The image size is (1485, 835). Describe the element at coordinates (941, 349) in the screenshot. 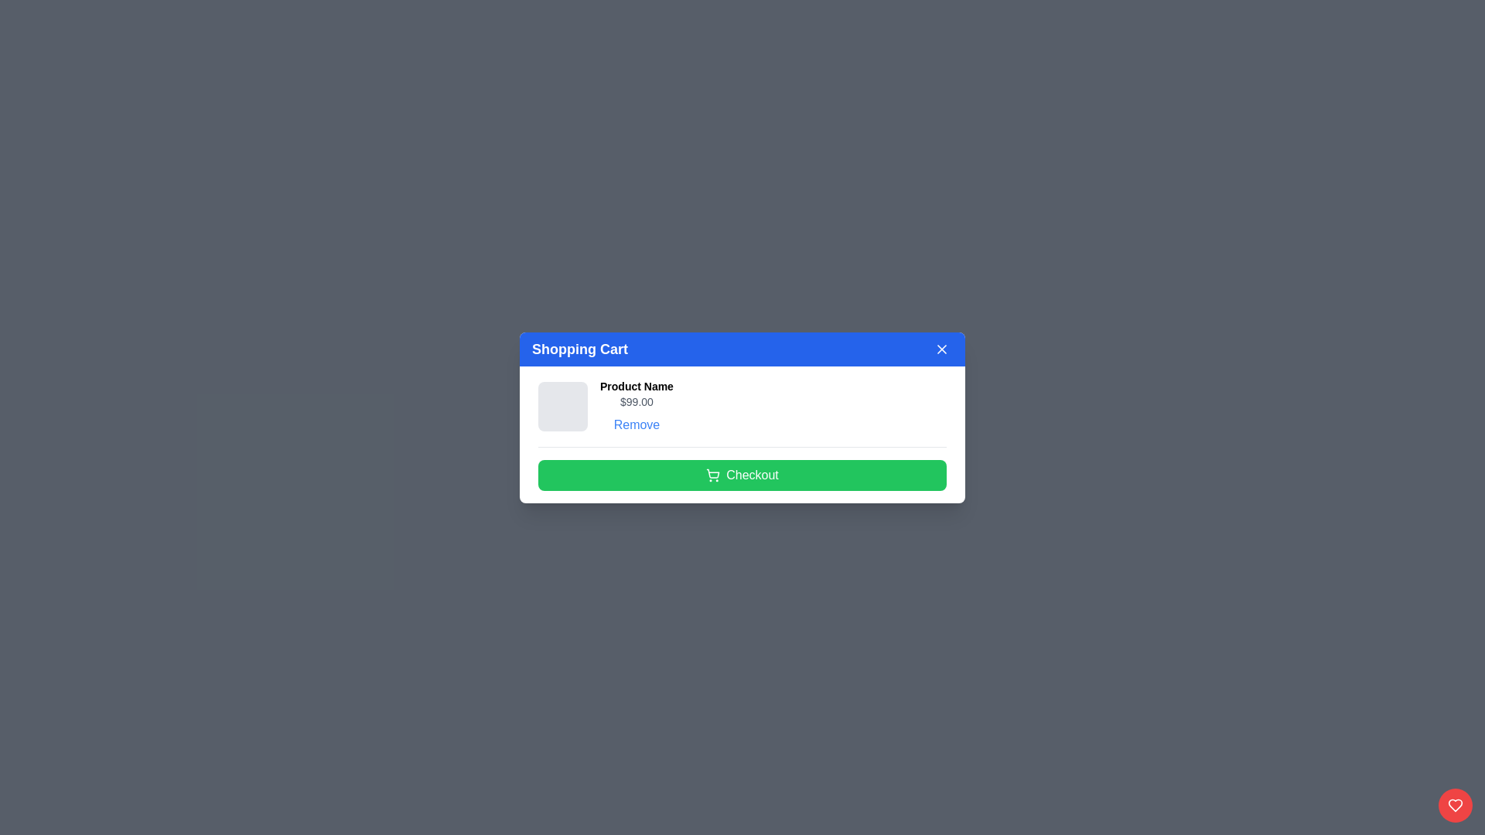

I see `the close button located at the top-right corner of the 'Shopping Cart' panel` at that location.